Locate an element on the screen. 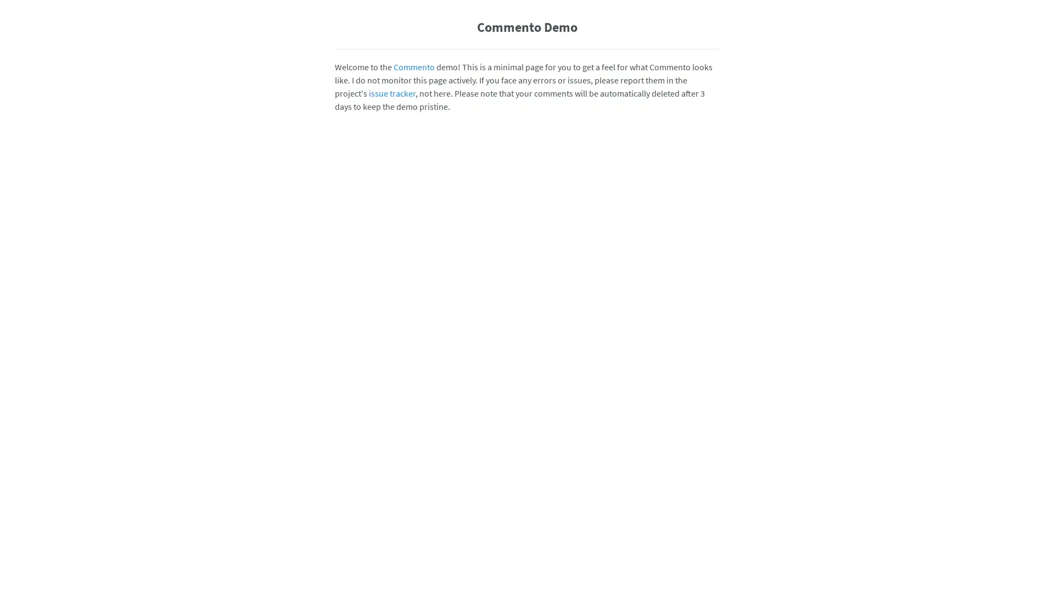 This screenshot has width=1054, height=593. Downvote is located at coordinates (694, 563).